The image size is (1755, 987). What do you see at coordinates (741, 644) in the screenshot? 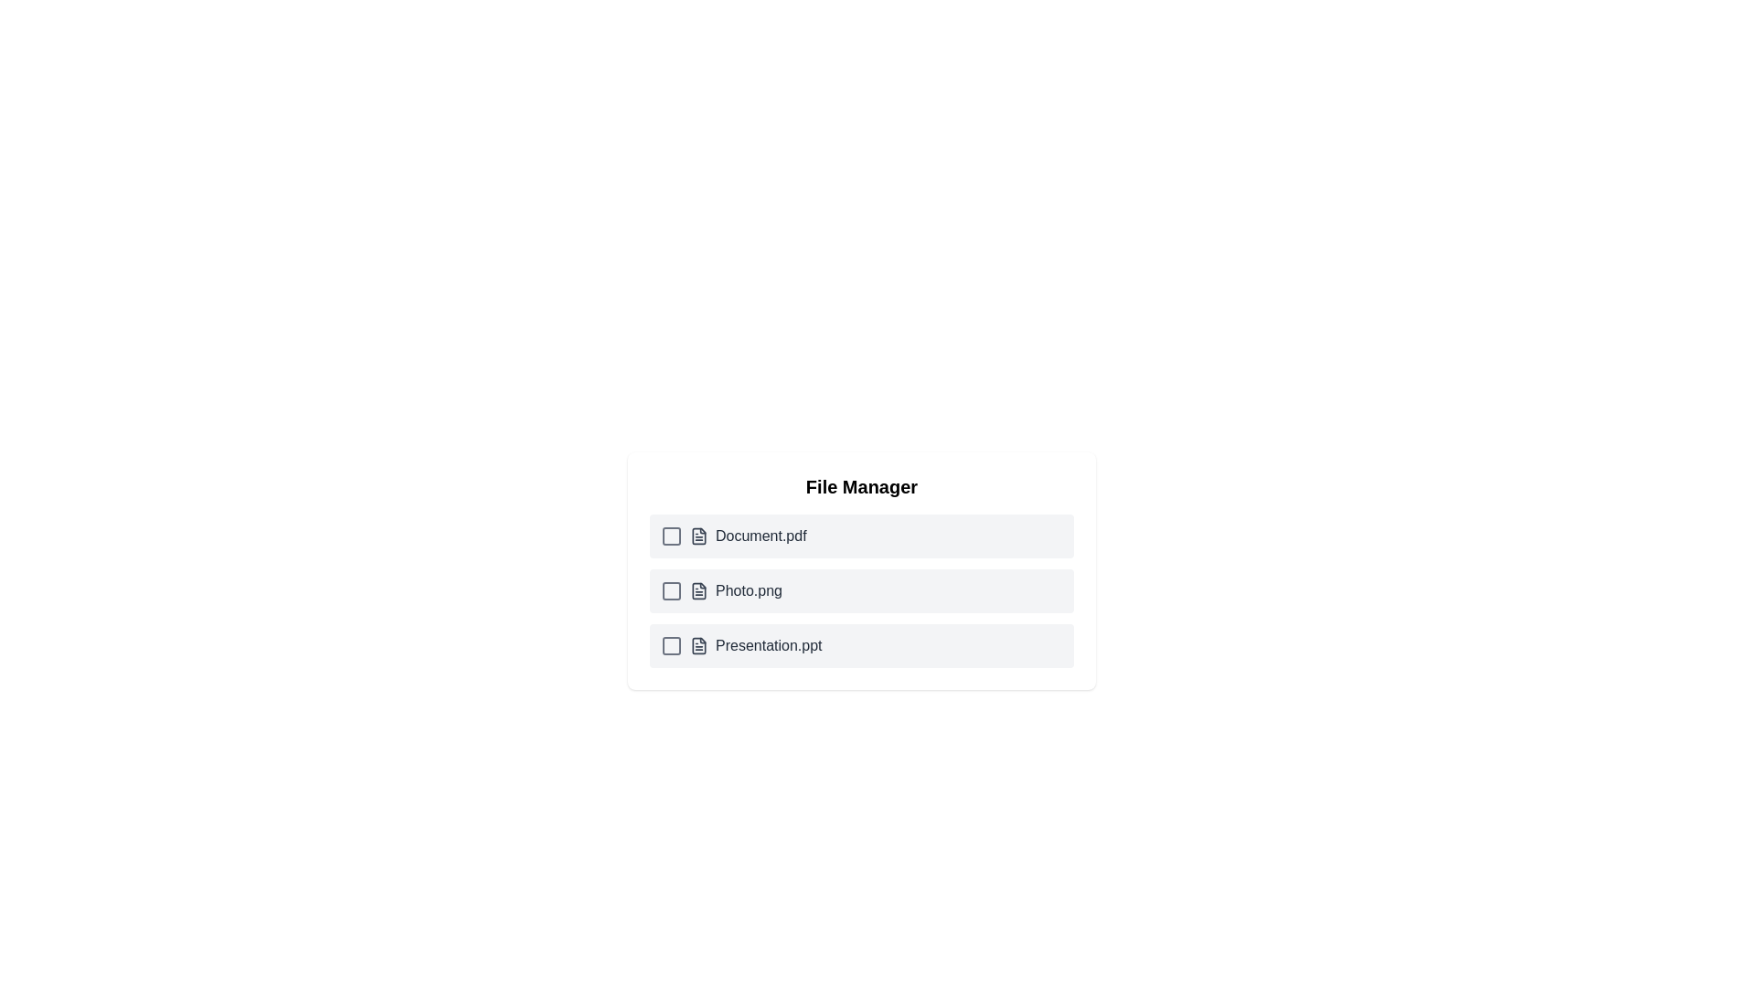
I see `the checkbox next to the file 'Presentation.ppt'` at bounding box center [741, 644].